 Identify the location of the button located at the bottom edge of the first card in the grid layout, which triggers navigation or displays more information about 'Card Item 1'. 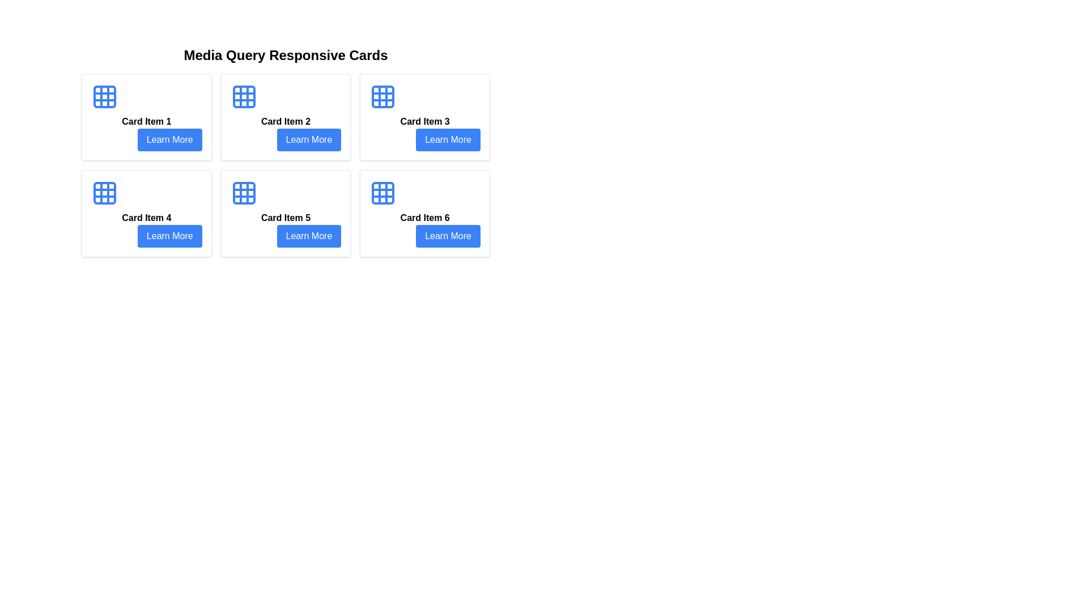
(169, 139).